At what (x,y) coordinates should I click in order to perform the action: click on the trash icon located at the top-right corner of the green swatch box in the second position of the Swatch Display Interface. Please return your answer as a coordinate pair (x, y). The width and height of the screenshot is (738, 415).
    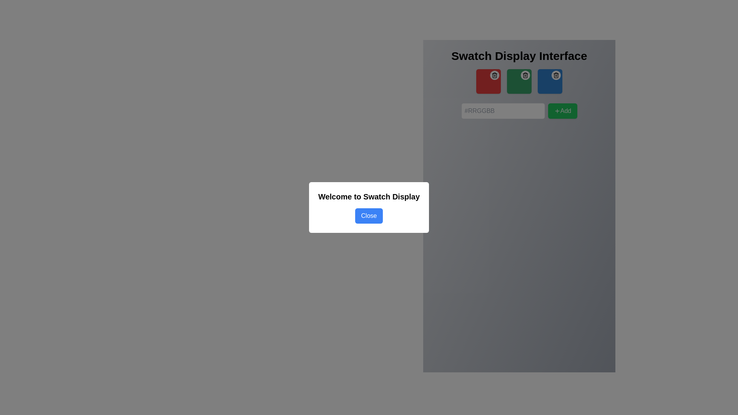
    Looking at the image, I should click on (519, 81).